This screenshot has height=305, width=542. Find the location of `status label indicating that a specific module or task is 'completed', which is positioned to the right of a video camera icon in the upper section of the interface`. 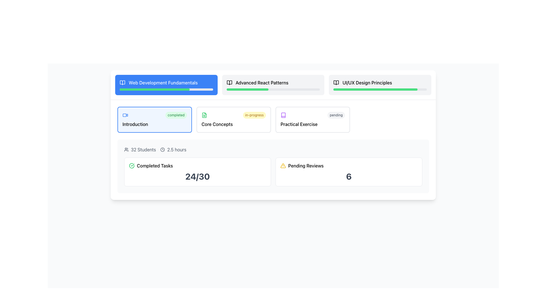

status label indicating that a specific module or task is 'completed', which is positioned to the right of a video camera icon in the upper section of the interface is located at coordinates (176, 115).